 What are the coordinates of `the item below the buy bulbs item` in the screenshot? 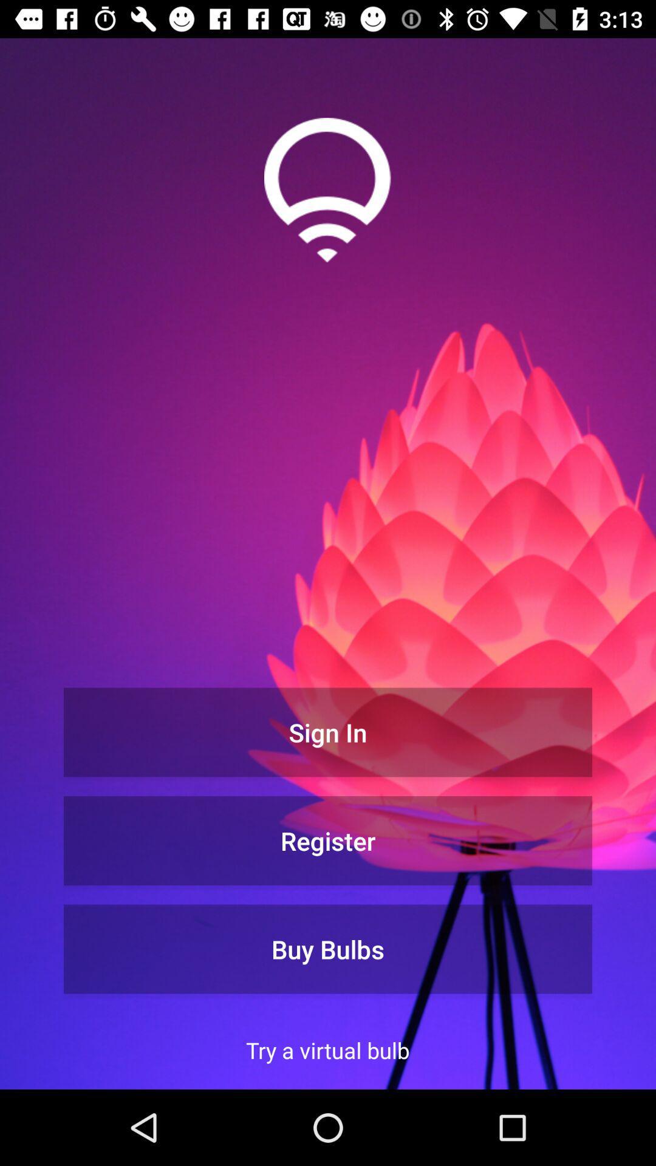 It's located at (327, 1049).